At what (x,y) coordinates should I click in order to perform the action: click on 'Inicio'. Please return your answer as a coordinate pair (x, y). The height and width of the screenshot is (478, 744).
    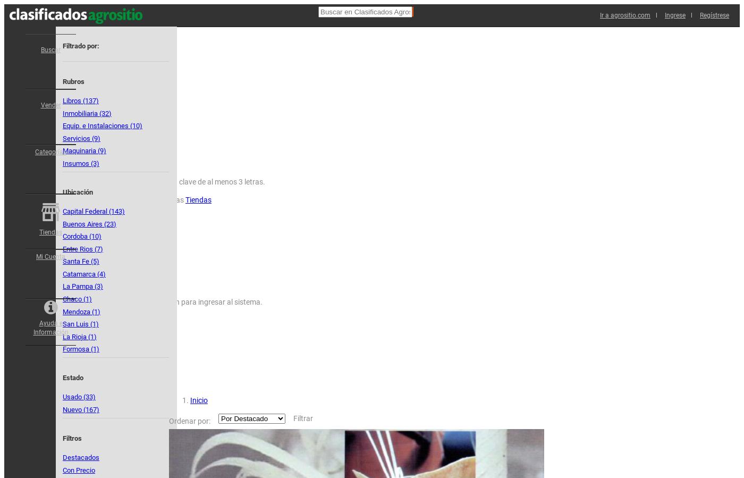
    Looking at the image, I should click on (199, 400).